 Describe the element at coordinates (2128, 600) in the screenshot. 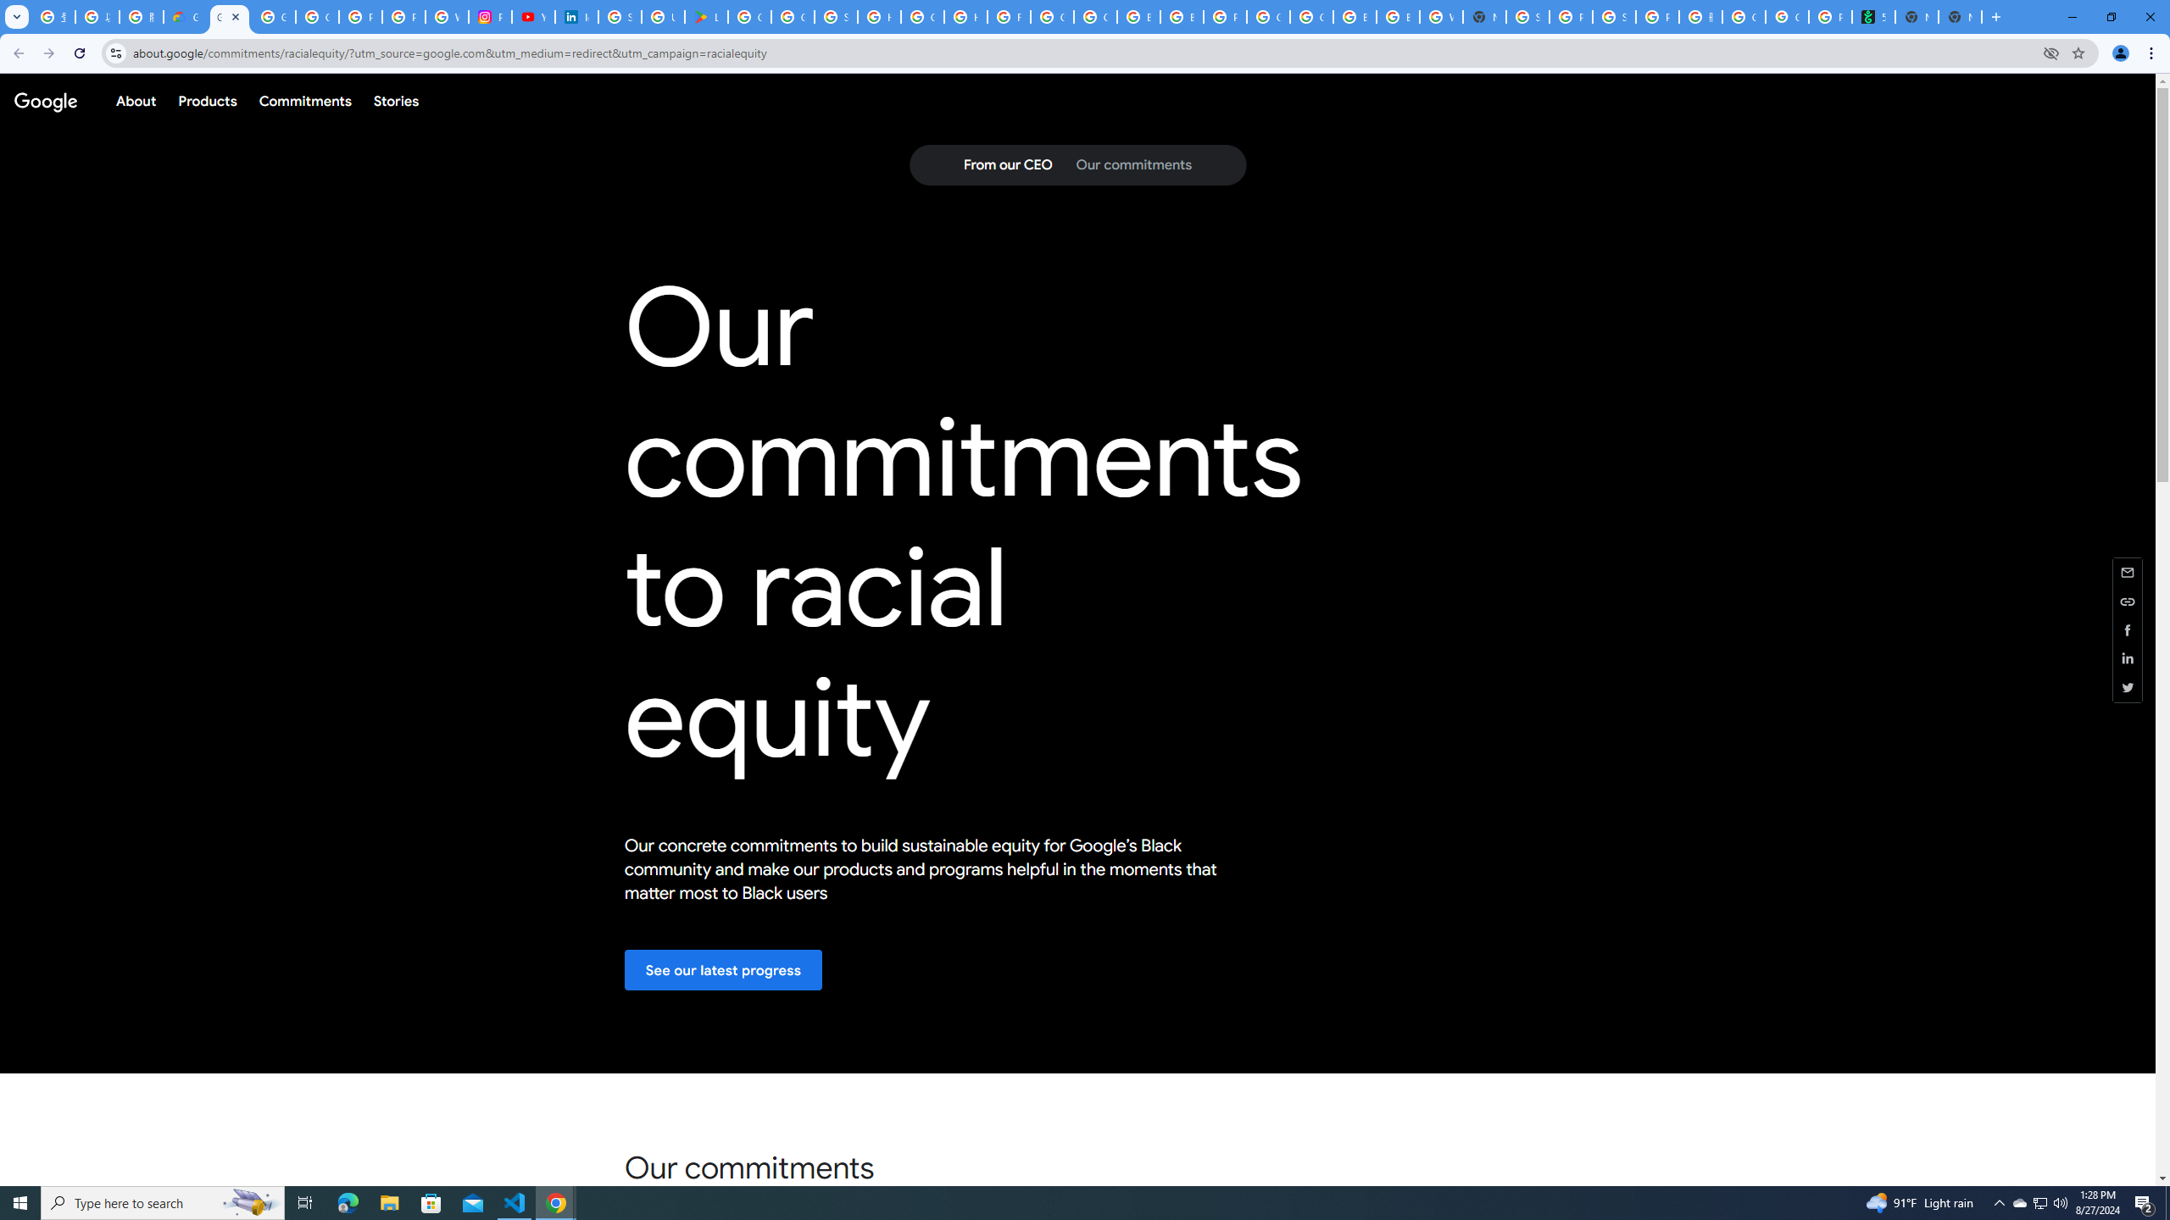

I see `'Share this page (Copy)'` at that location.